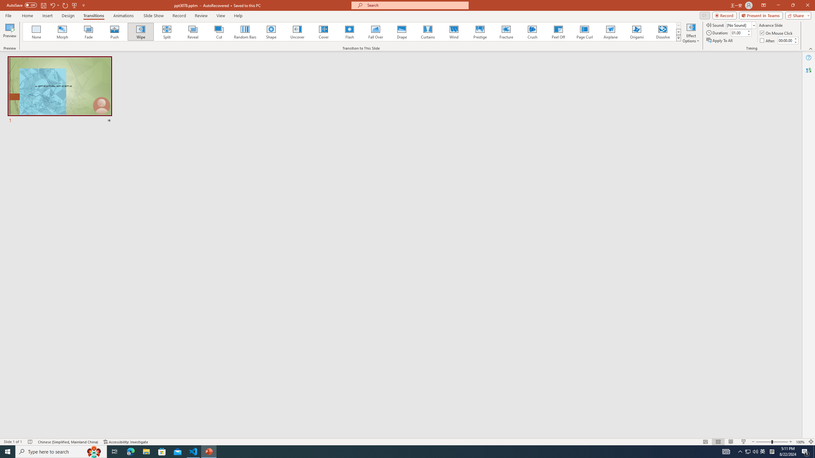  What do you see at coordinates (193, 31) in the screenshot?
I see `'Reveal'` at bounding box center [193, 31].